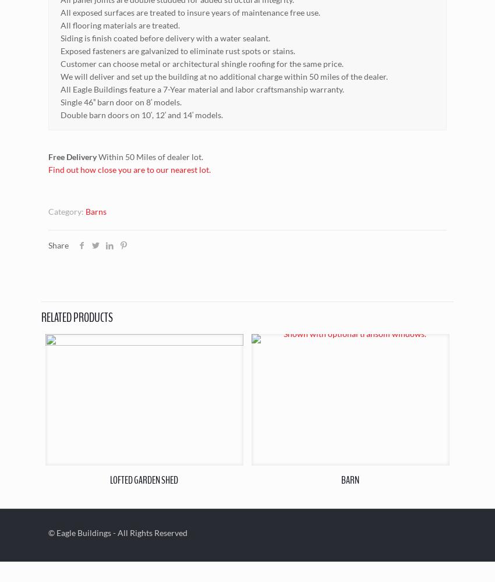  I want to click on 'Double barn doors on 10′, 12′ and 14′ models.', so click(142, 113).